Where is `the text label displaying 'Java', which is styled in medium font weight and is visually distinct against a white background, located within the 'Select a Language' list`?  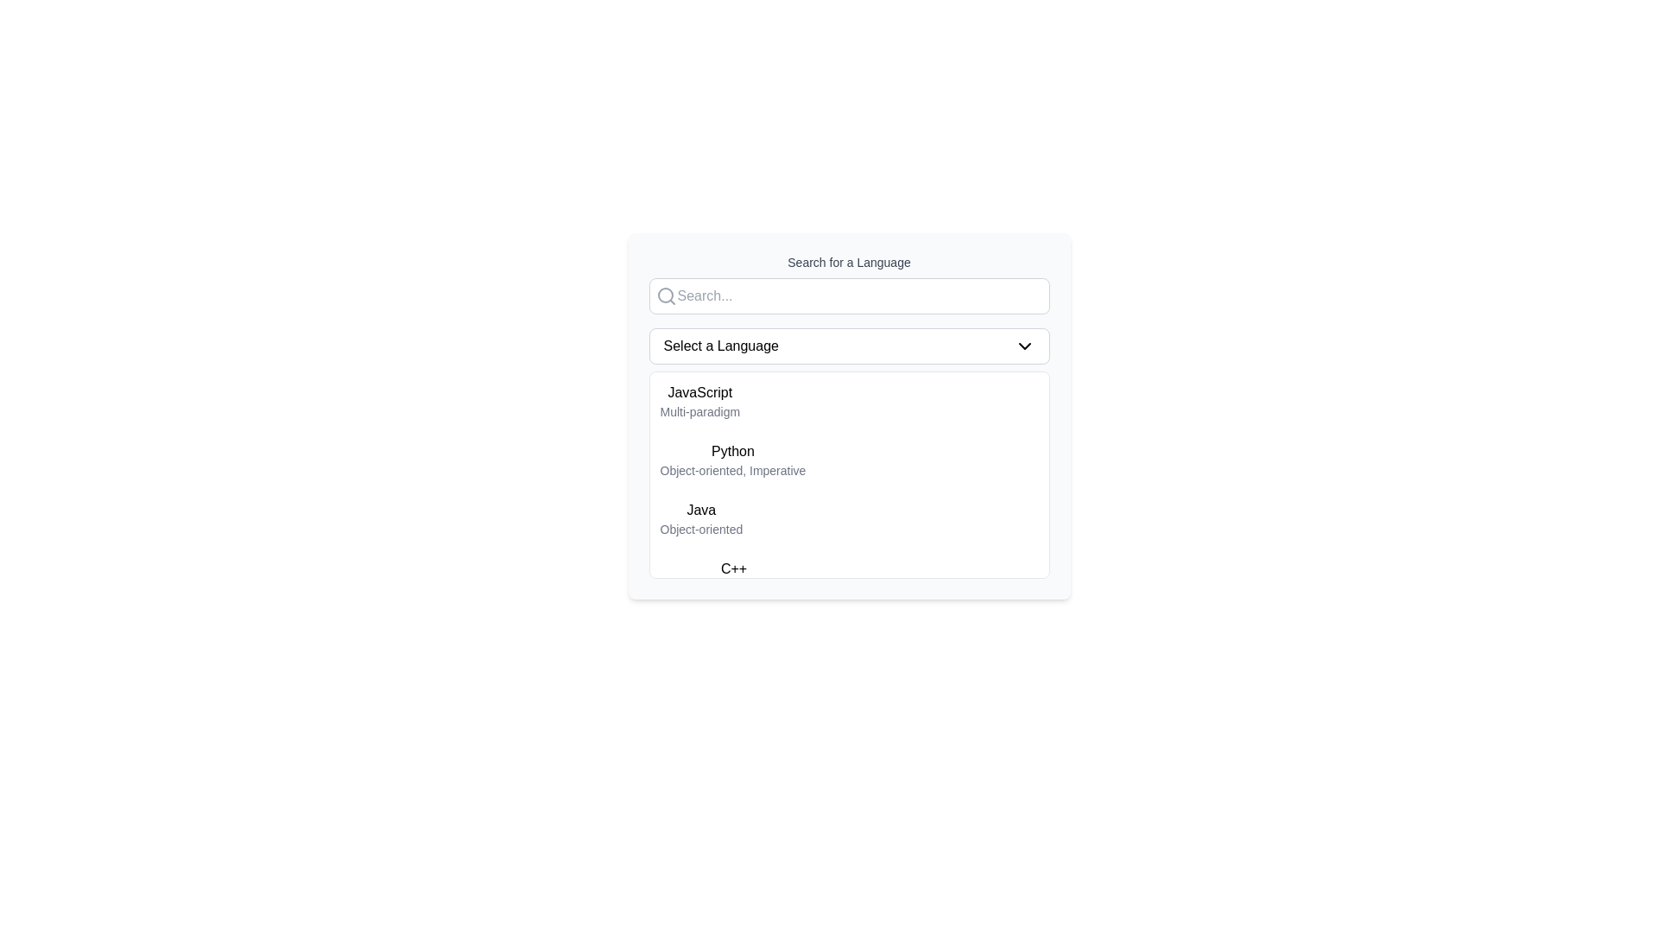
the text label displaying 'Java', which is styled in medium font weight and is visually distinct against a white background, located within the 'Select a Language' list is located at coordinates (701, 509).